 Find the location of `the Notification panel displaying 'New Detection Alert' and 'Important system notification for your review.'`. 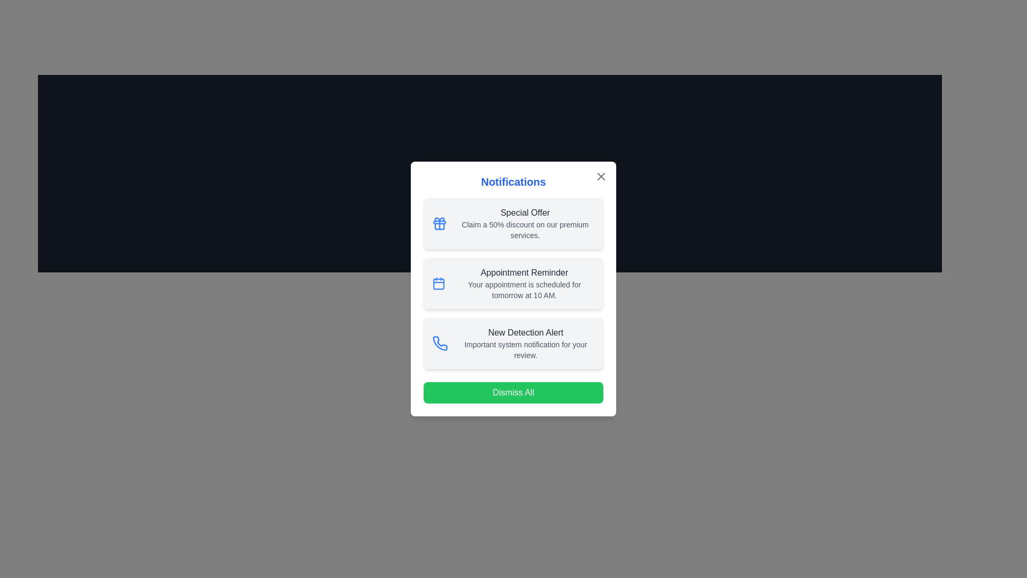

the Notification panel displaying 'New Detection Alert' and 'Important system notification for your review.' is located at coordinates (513, 343).